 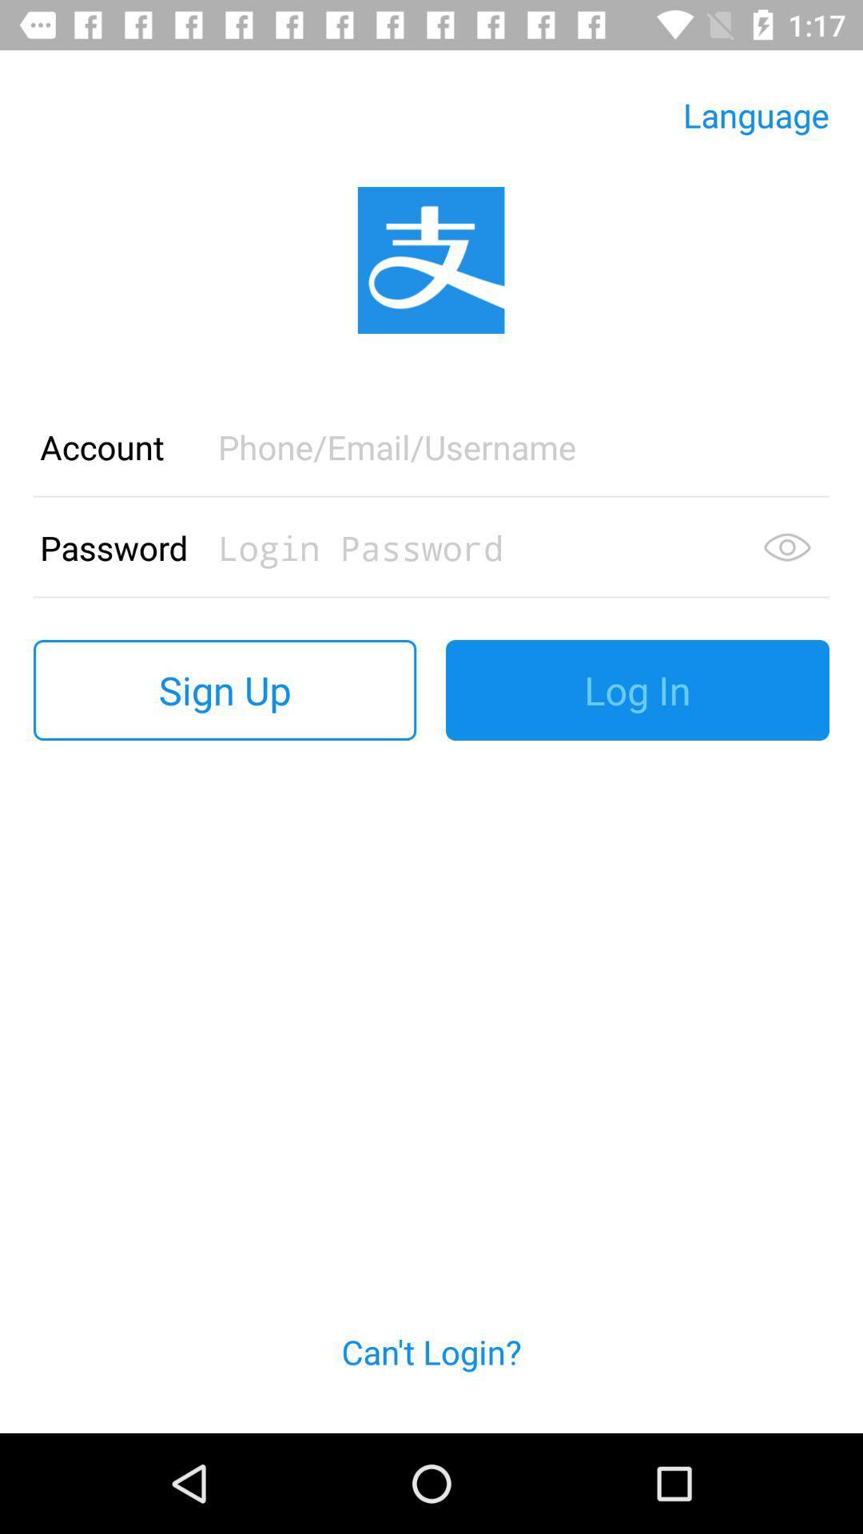 What do you see at coordinates (786, 547) in the screenshot?
I see `the visibility icon` at bounding box center [786, 547].